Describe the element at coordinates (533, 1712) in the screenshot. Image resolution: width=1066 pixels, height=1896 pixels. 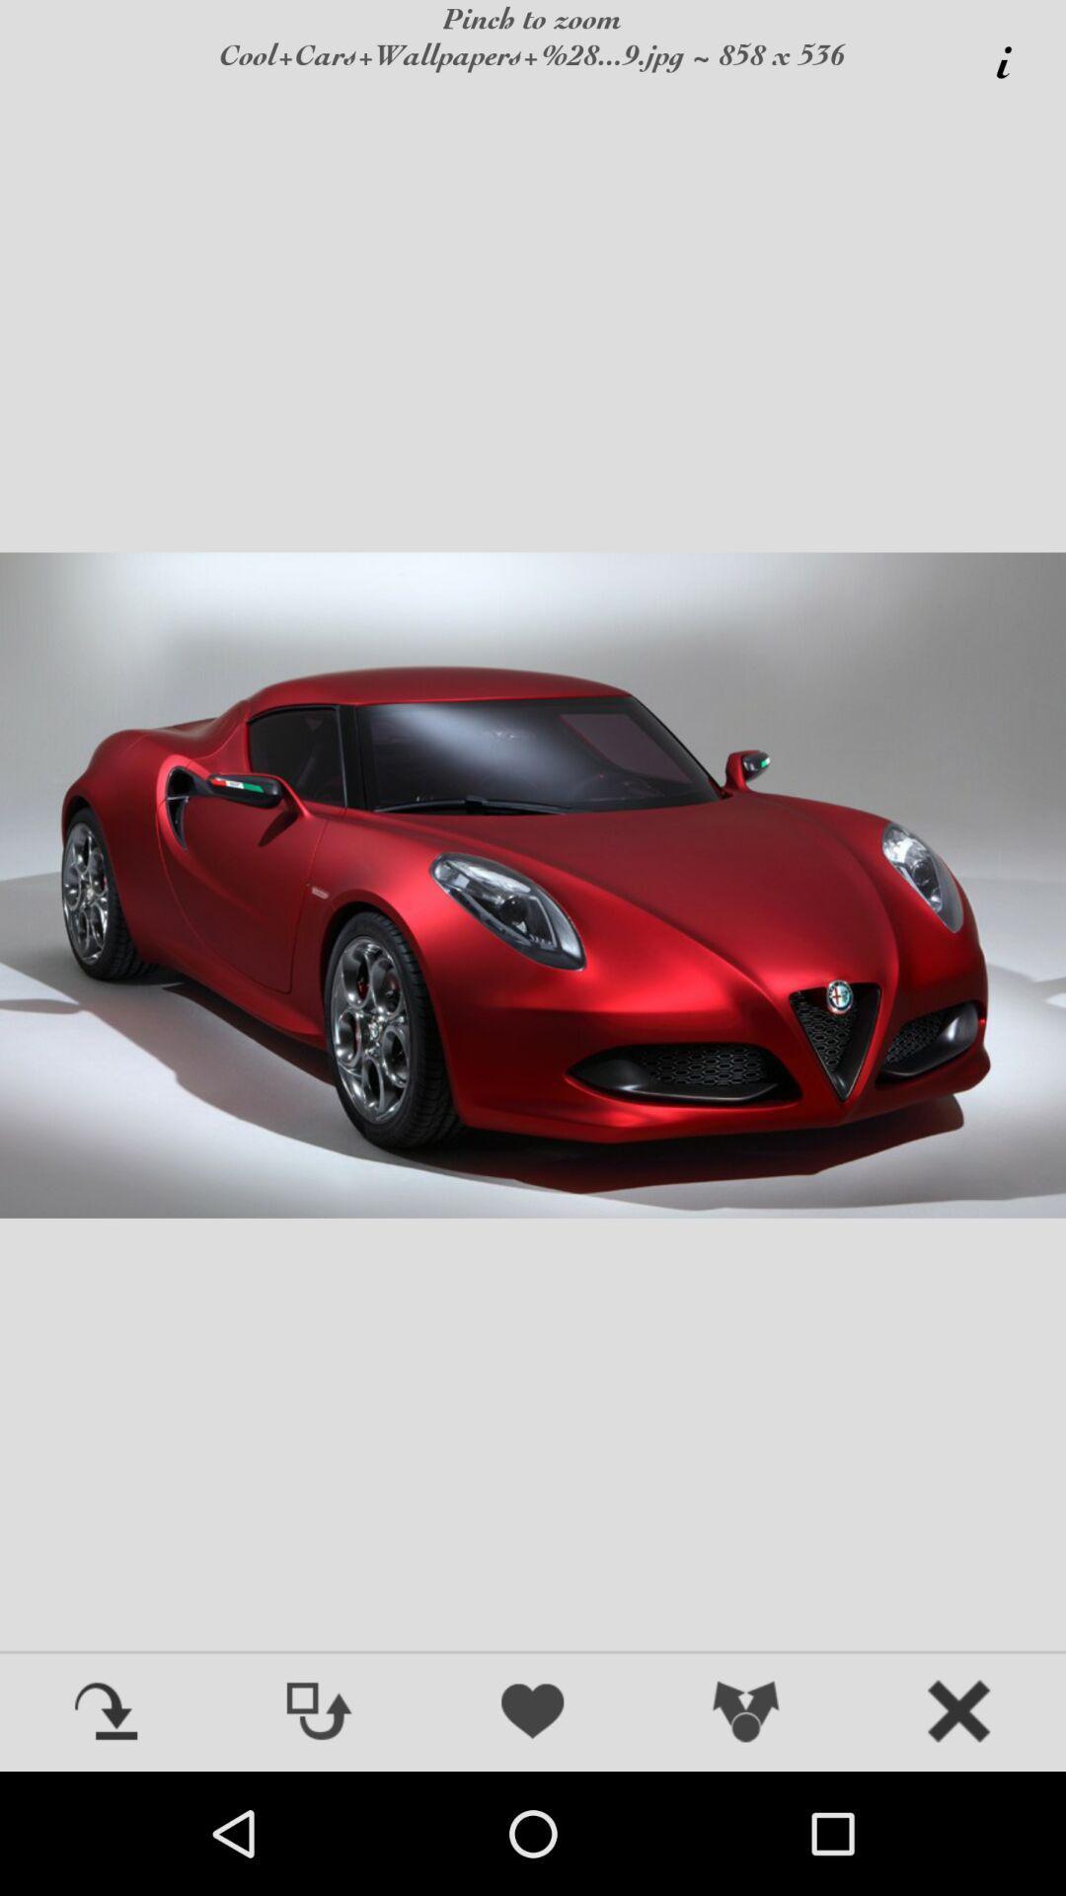
I see `like the item` at that location.